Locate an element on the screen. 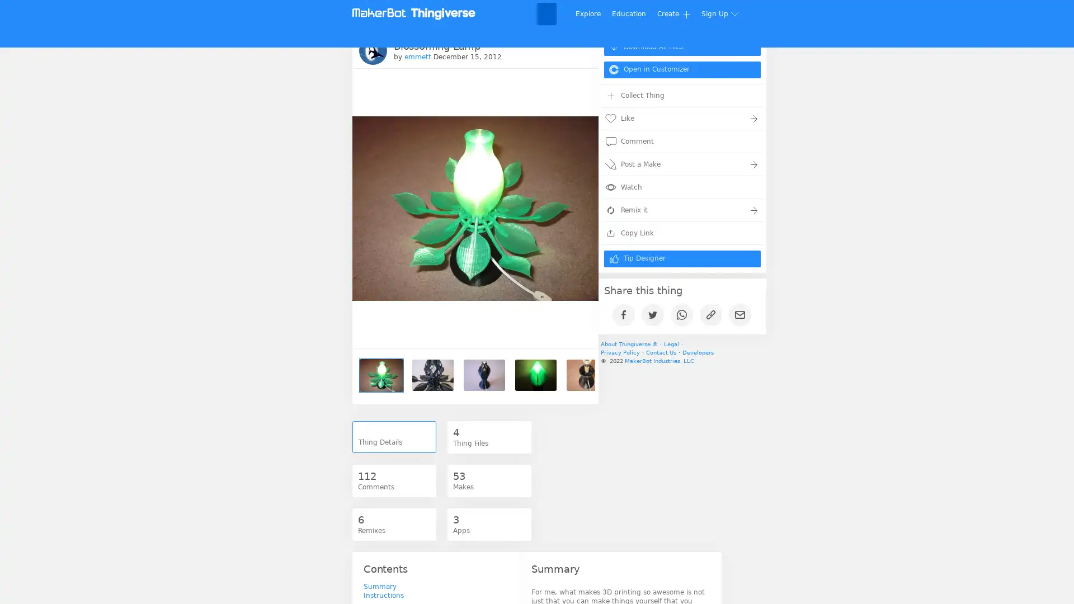 The height and width of the screenshot is (604, 1074). slide item 9 is located at coordinates (792, 375).